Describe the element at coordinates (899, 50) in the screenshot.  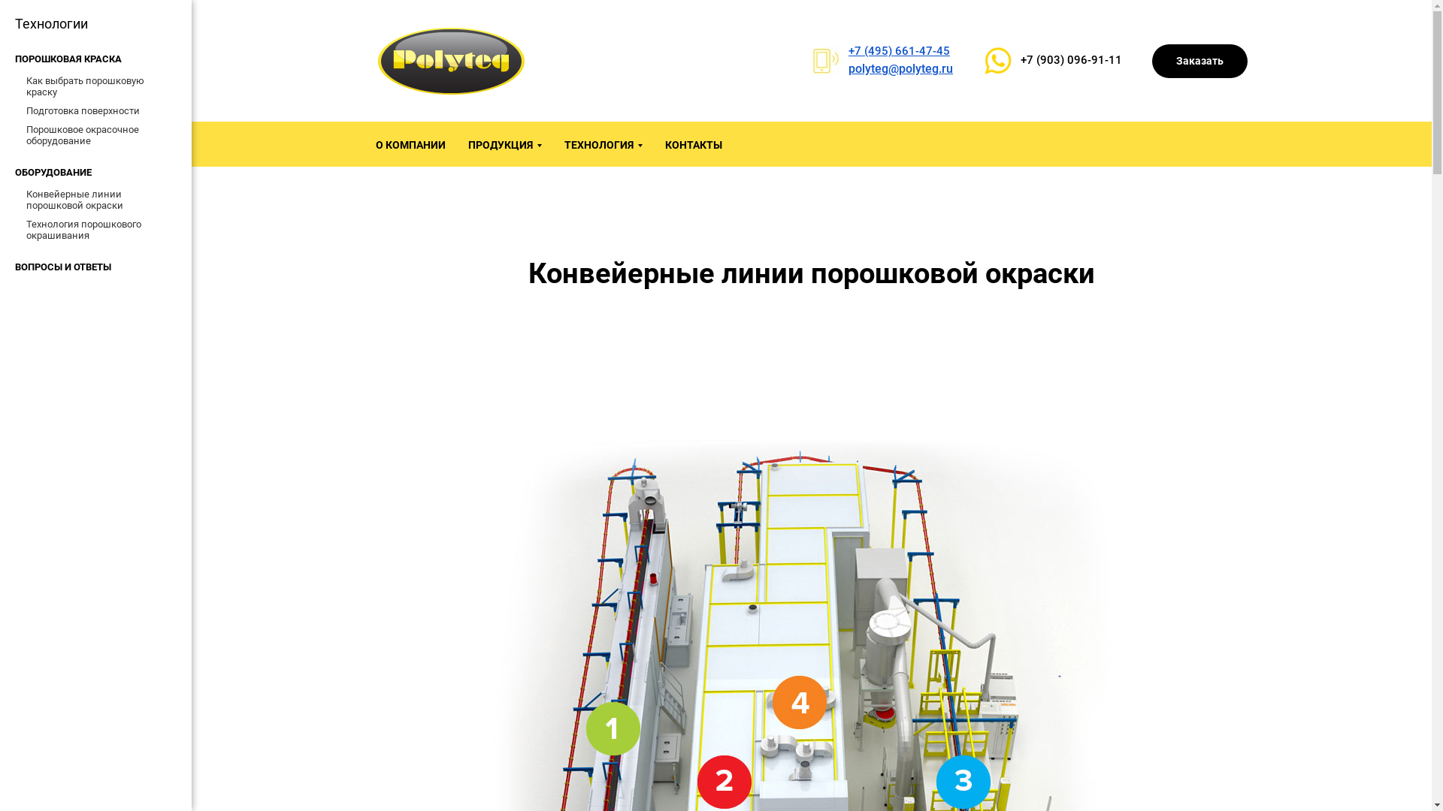
I see `'+7 (495) 661-47-45'` at that location.